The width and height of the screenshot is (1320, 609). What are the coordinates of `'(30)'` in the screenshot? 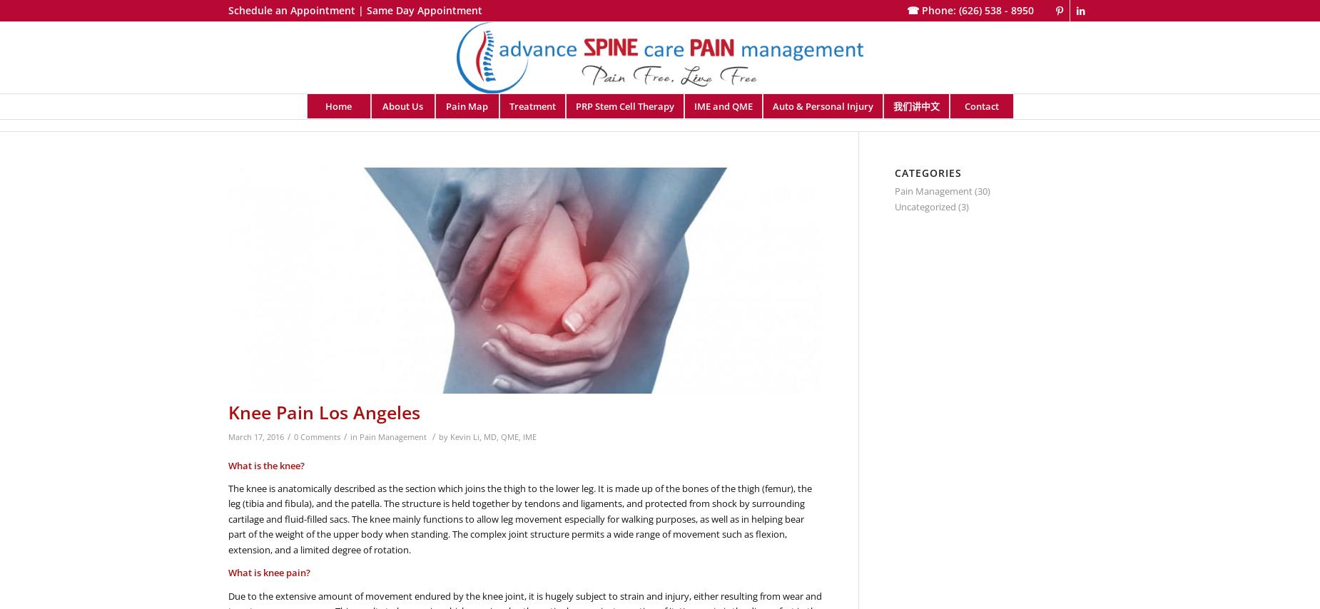 It's located at (980, 190).